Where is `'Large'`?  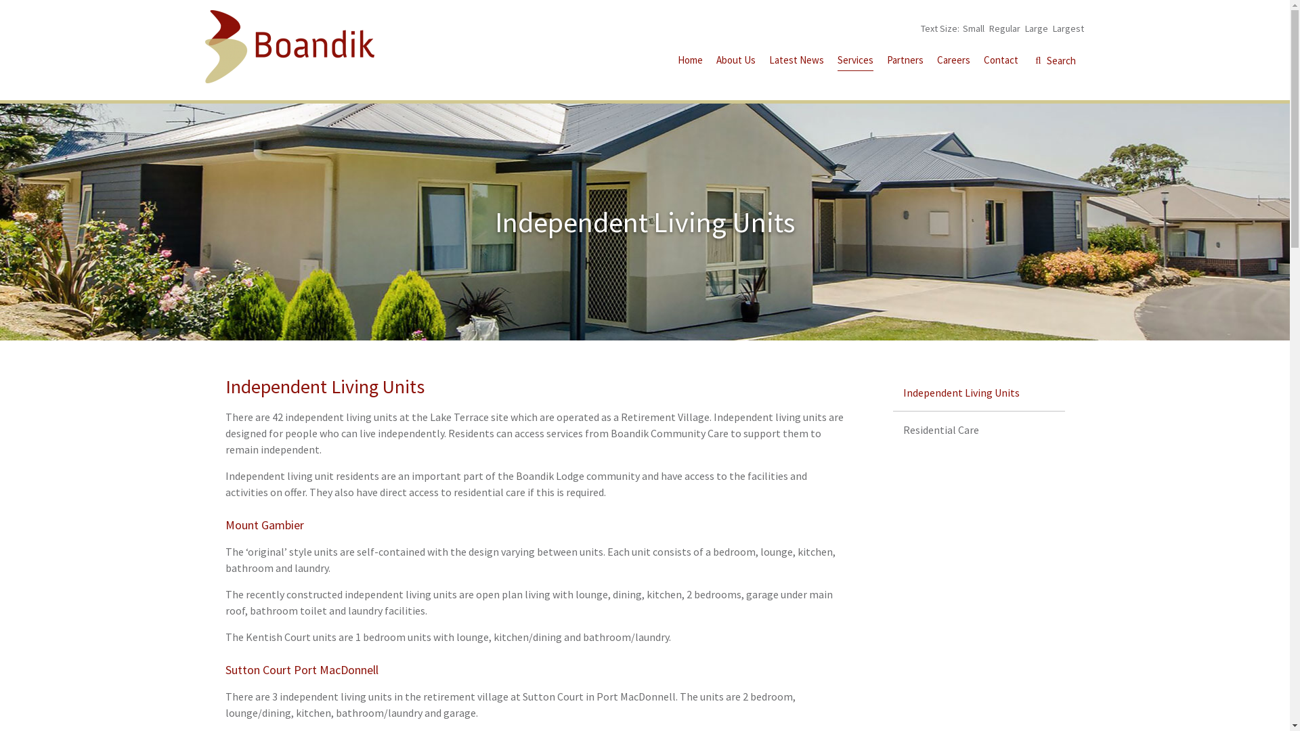 'Large' is located at coordinates (1024, 28).